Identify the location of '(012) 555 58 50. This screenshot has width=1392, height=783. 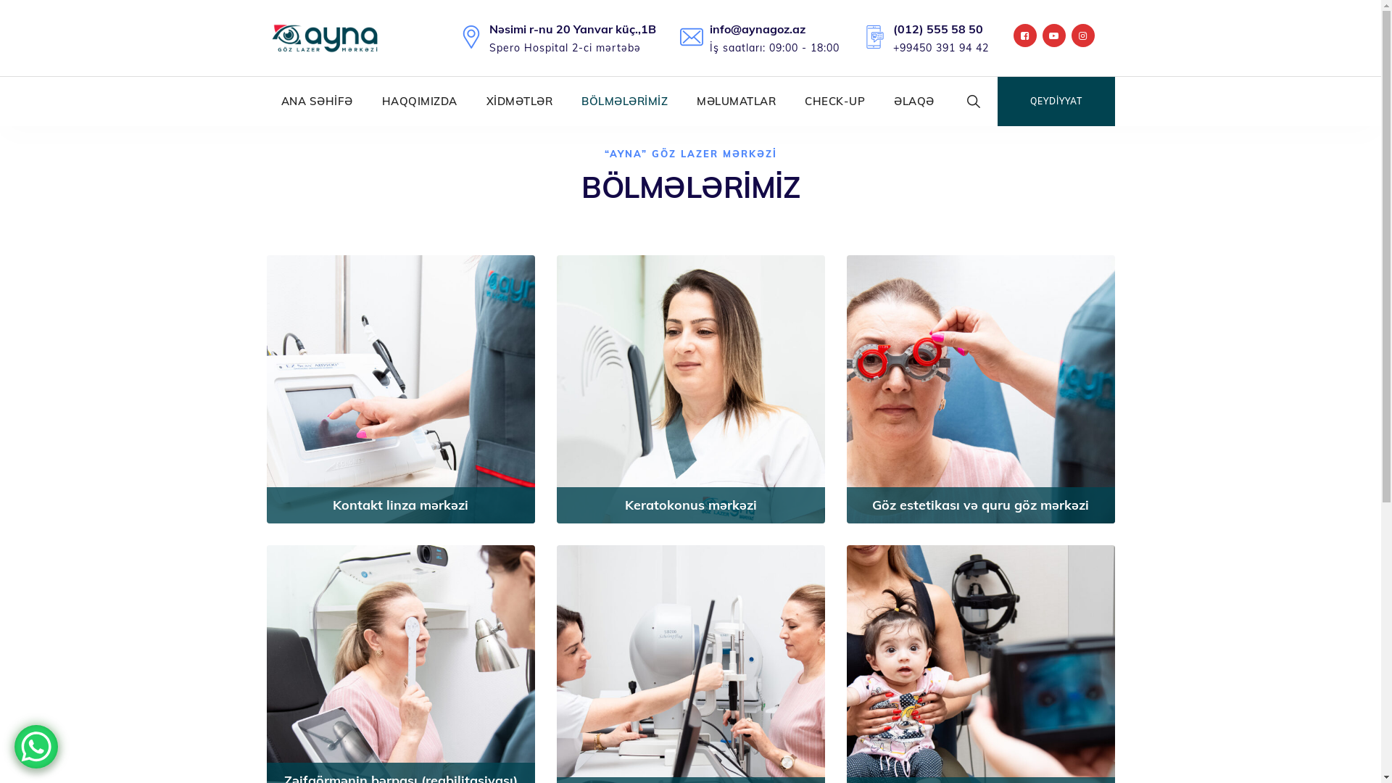
(940, 36).